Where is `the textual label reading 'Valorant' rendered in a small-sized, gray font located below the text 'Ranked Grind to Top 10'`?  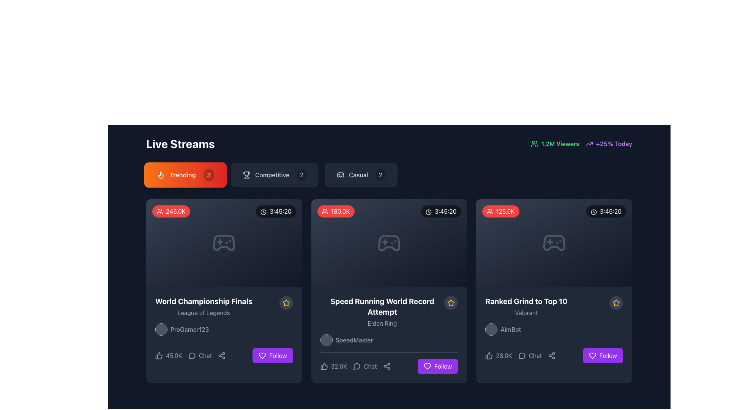
the textual label reading 'Valorant' rendered in a small-sized, gray font located below the text 'Ranked Grind to Top 10' is located at coordinates (526, 312).